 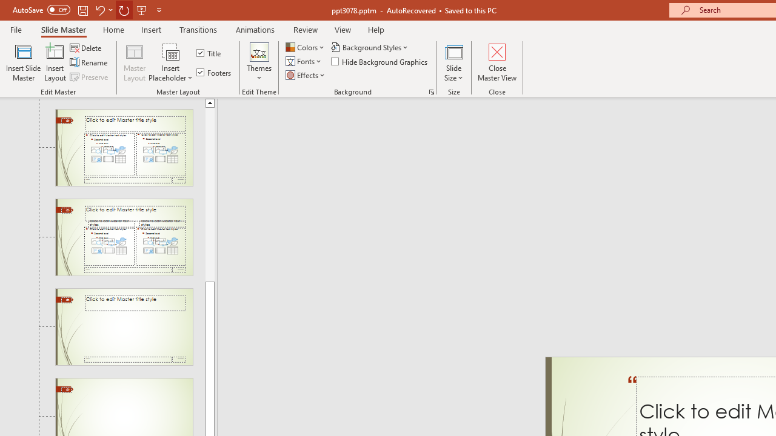 I want to click on 'Hide Background Graphics', so click(x=380, y=61).